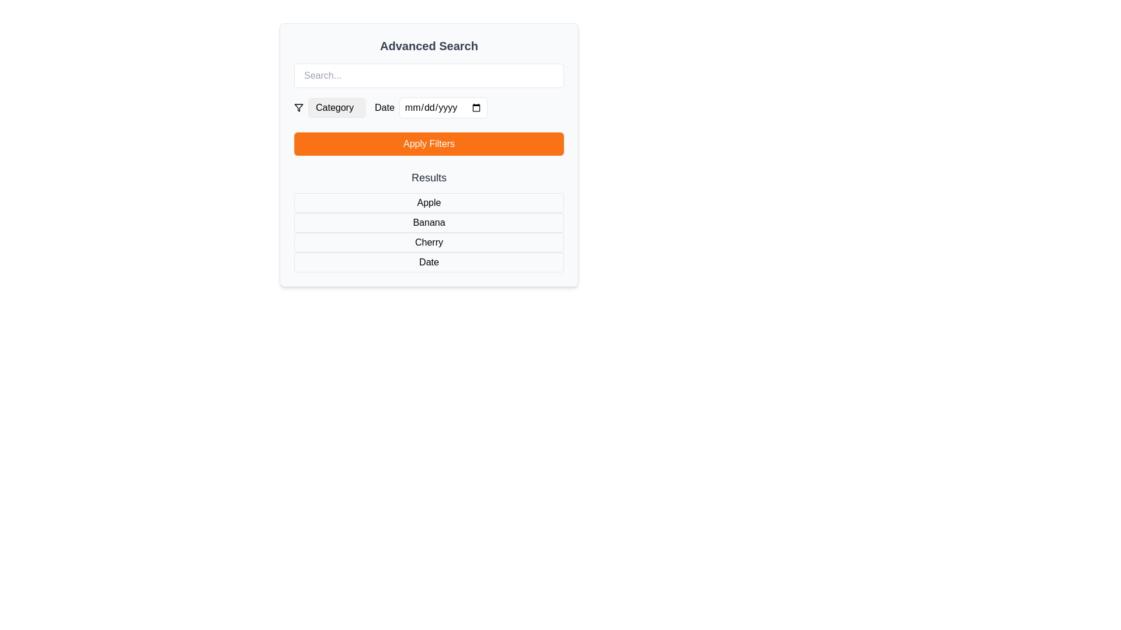 The height and width of the screenshot is (630, 1121). Describe the element at coordinates (428, 262) in the screenshot. I see `the fourth item in the list of results labeled 'Results', which is a Button-like text element and is the last item following 'Apple', 'Banana', and 'Cherry'` at that location.